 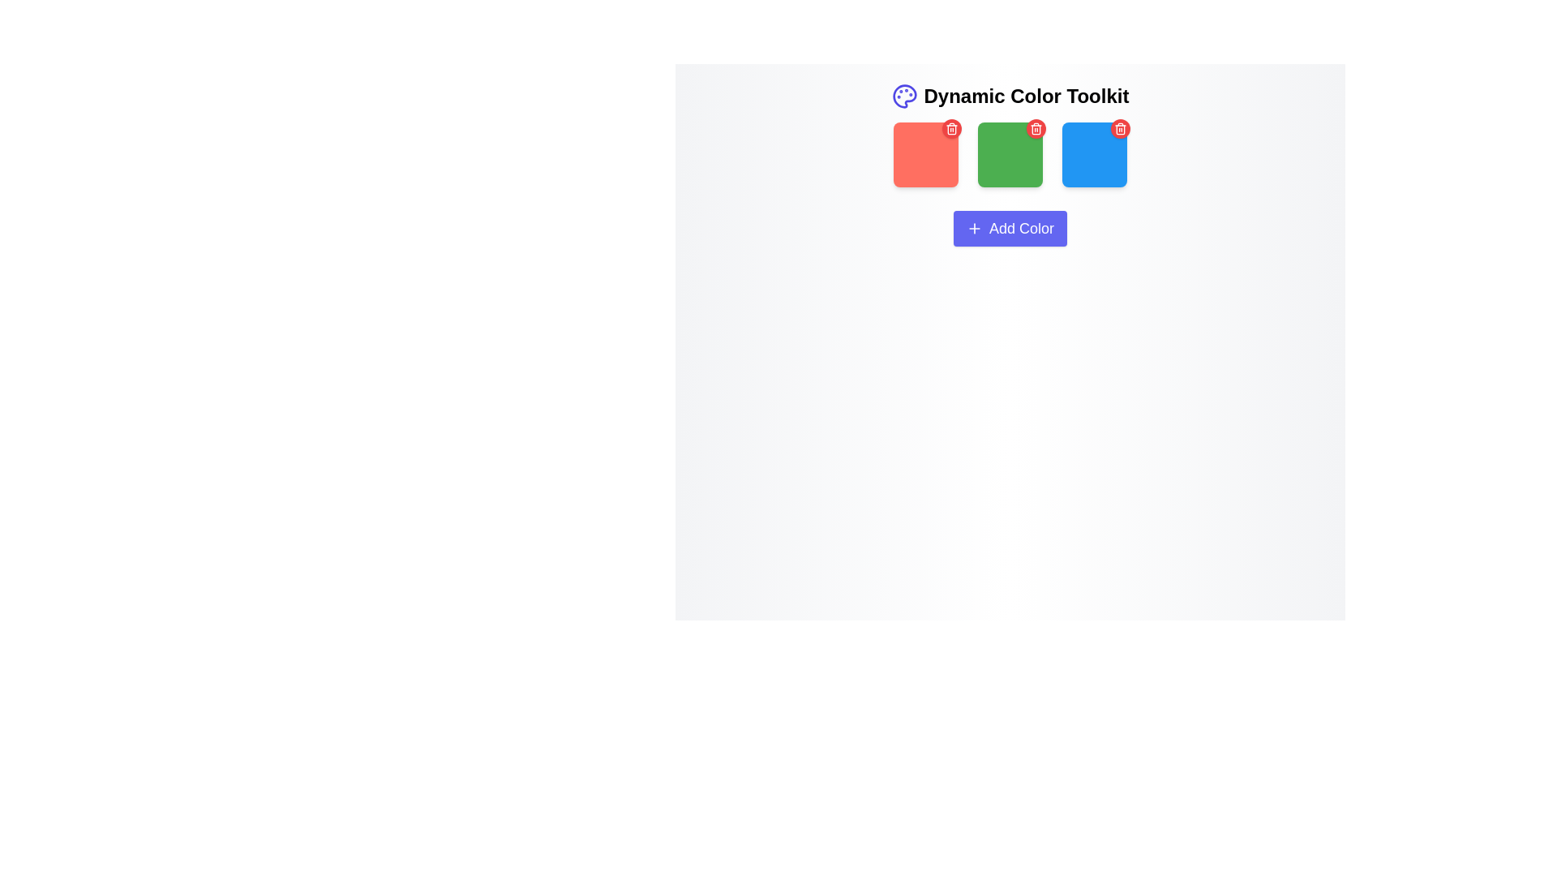 I want to click on the button in the top-right corner of the blue square tile, so click(x=1120, y=127).